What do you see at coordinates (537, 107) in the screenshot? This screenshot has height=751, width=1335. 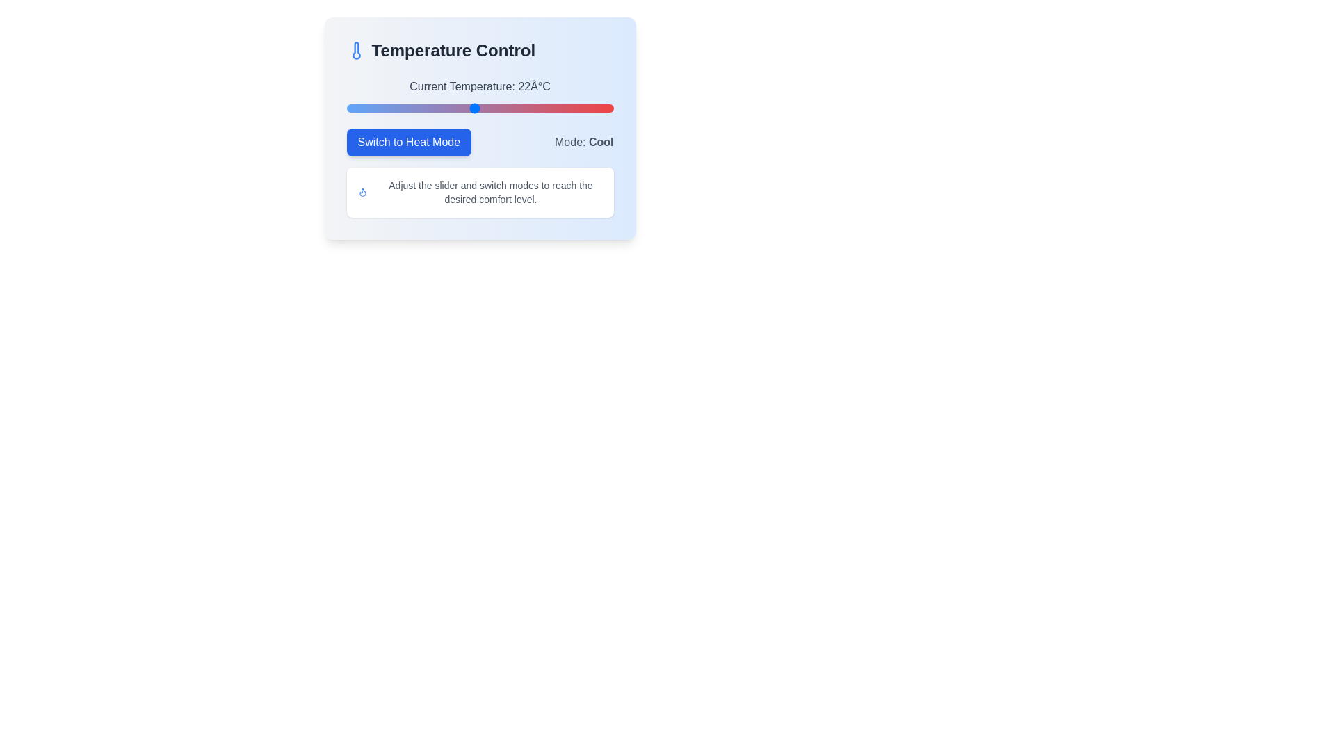 I see `the temperature slider to set the value to 28°C` at bounding box center [537, 107].